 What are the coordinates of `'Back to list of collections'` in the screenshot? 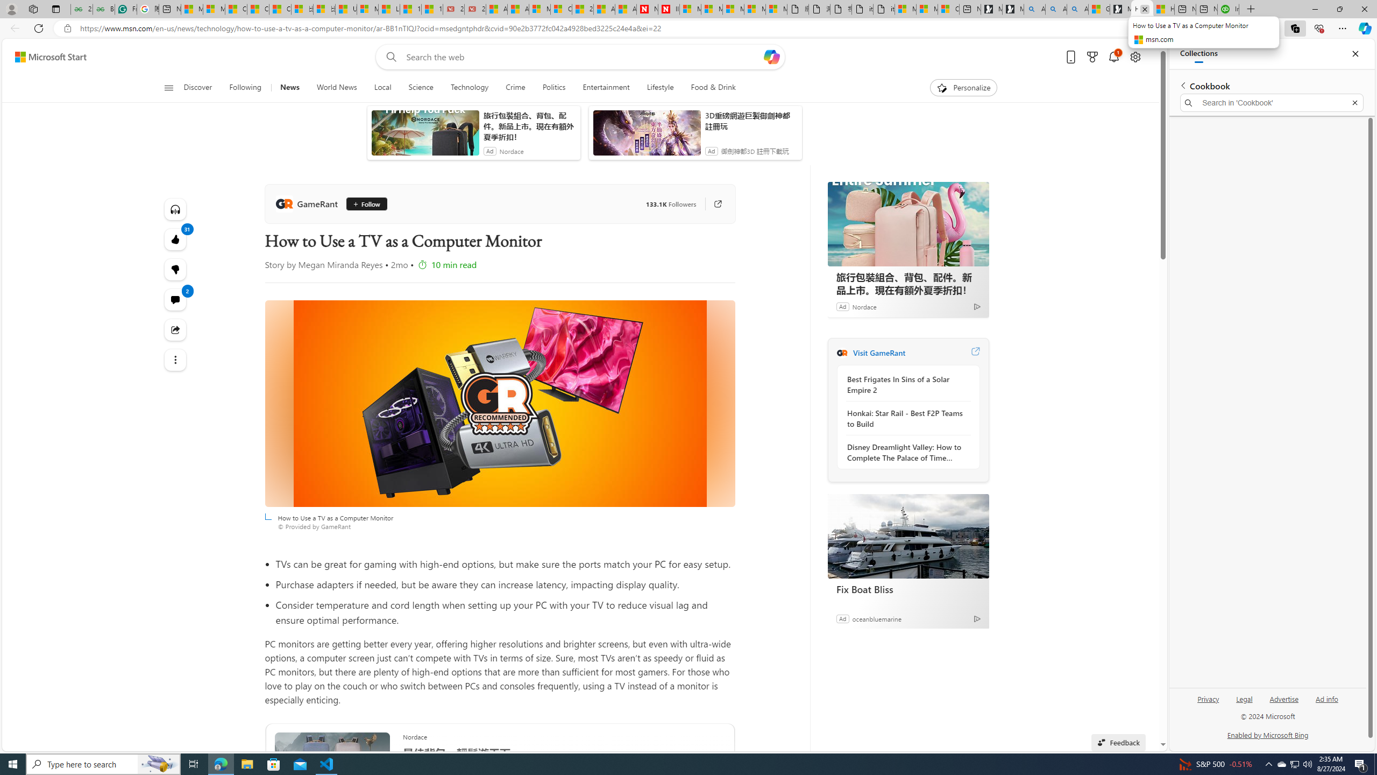 It's located at (1182, 85).